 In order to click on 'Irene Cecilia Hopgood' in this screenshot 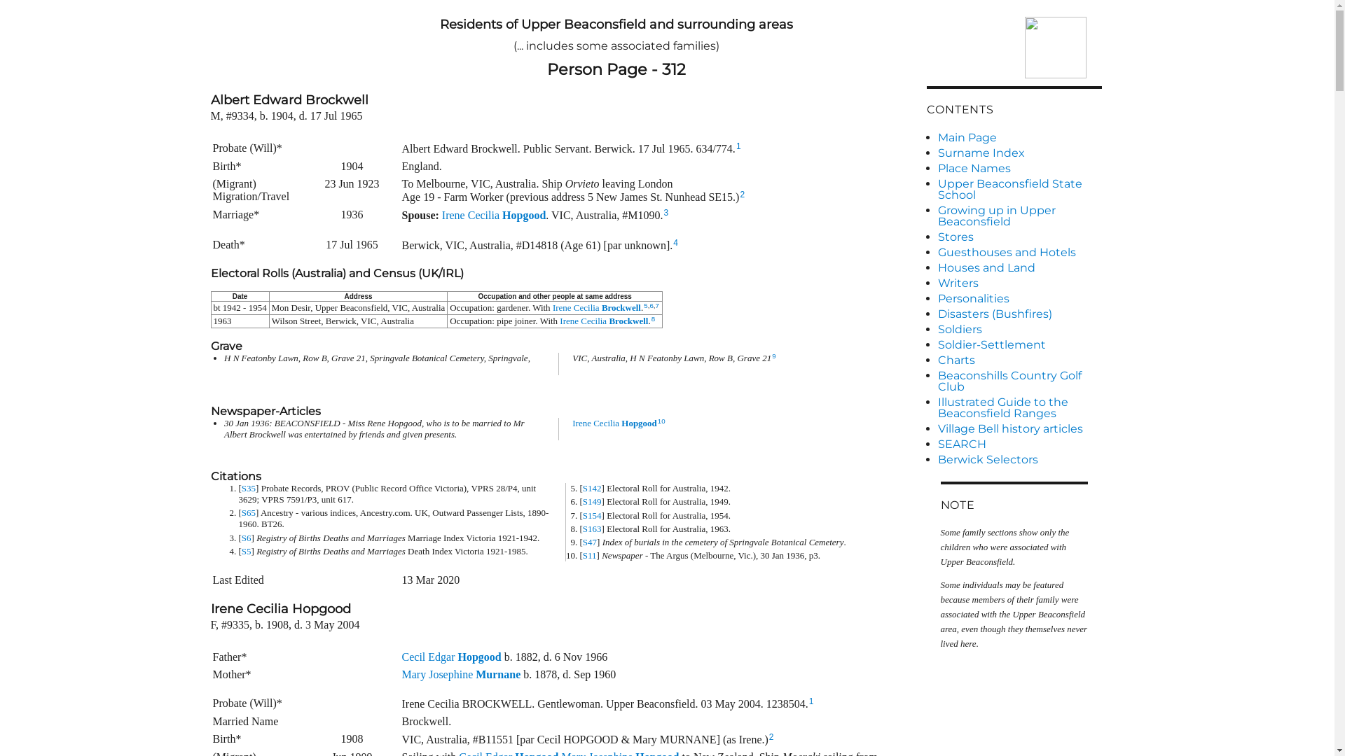, I will do `click(614, 422)`.